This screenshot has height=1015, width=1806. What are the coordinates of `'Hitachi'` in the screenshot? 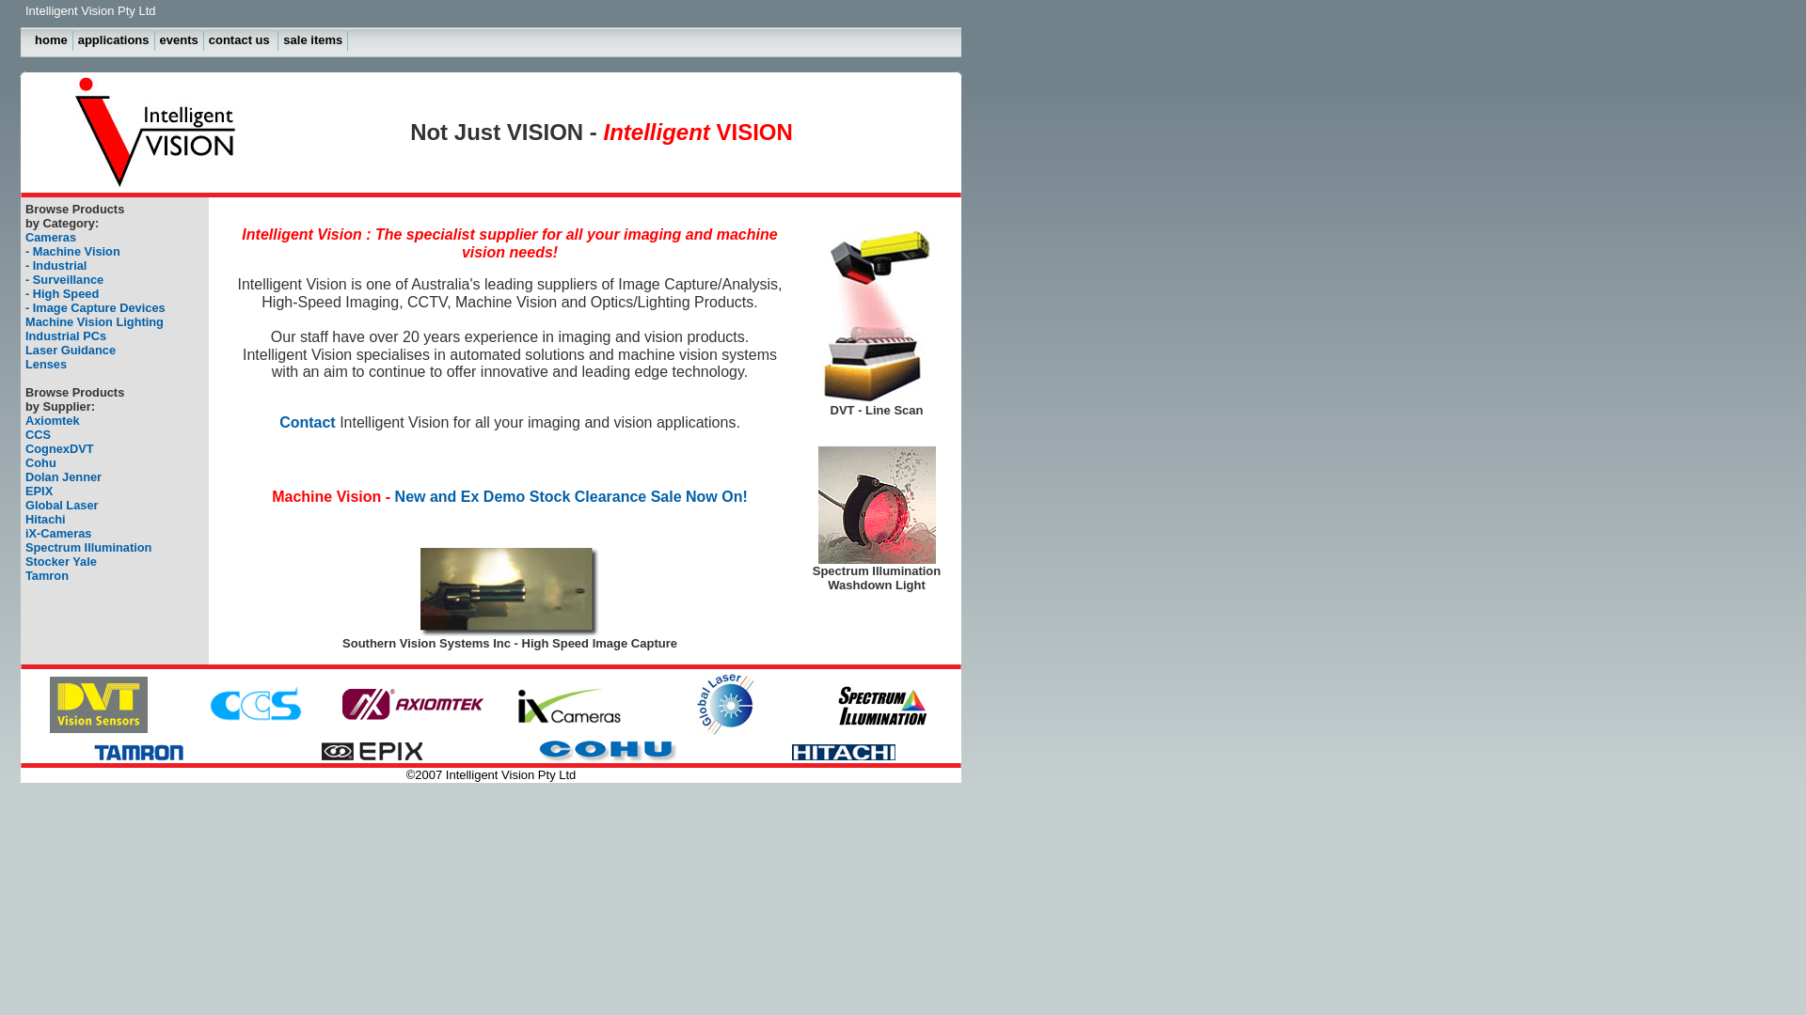 It's located at (45, 519).